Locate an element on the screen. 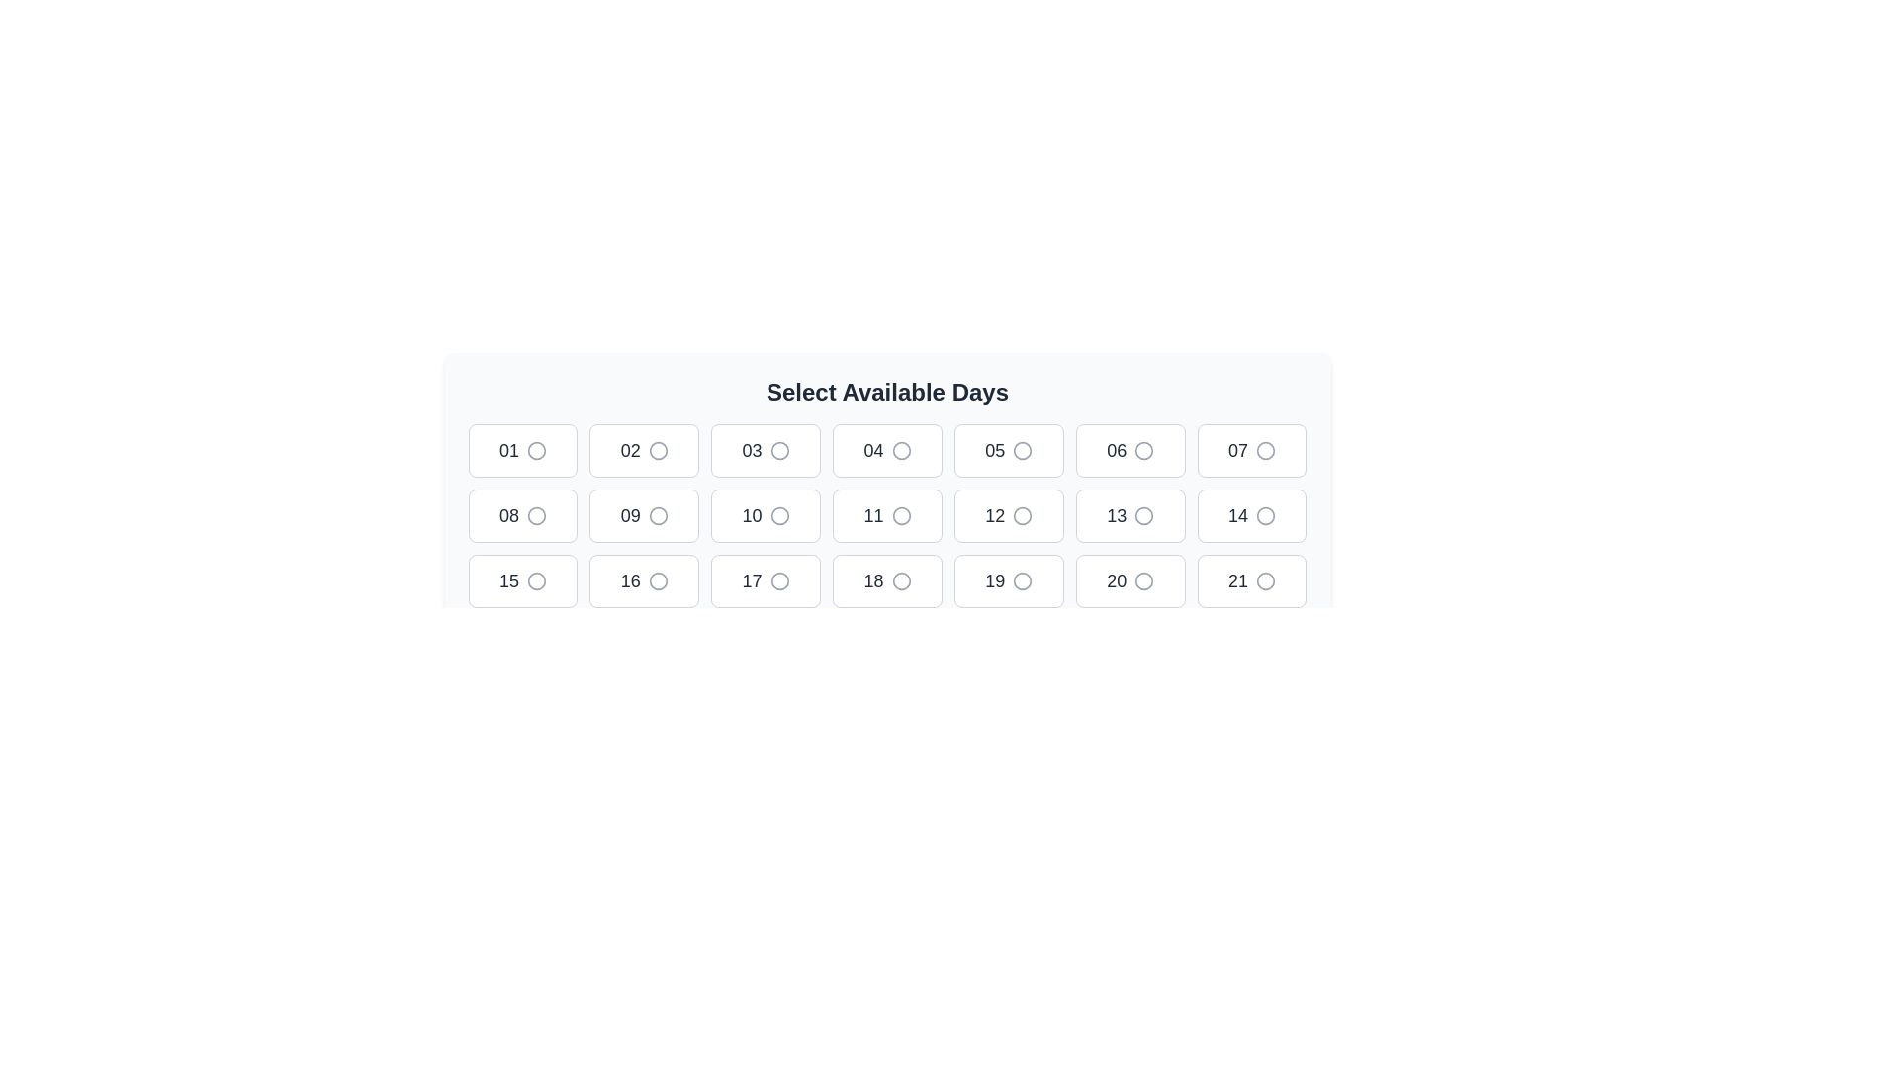 The height and width of the screenshot is (1068, 1899). displayed value of the Text label showing the day number '11' in the interactive calendar interface is located at coordinates (872, 514).